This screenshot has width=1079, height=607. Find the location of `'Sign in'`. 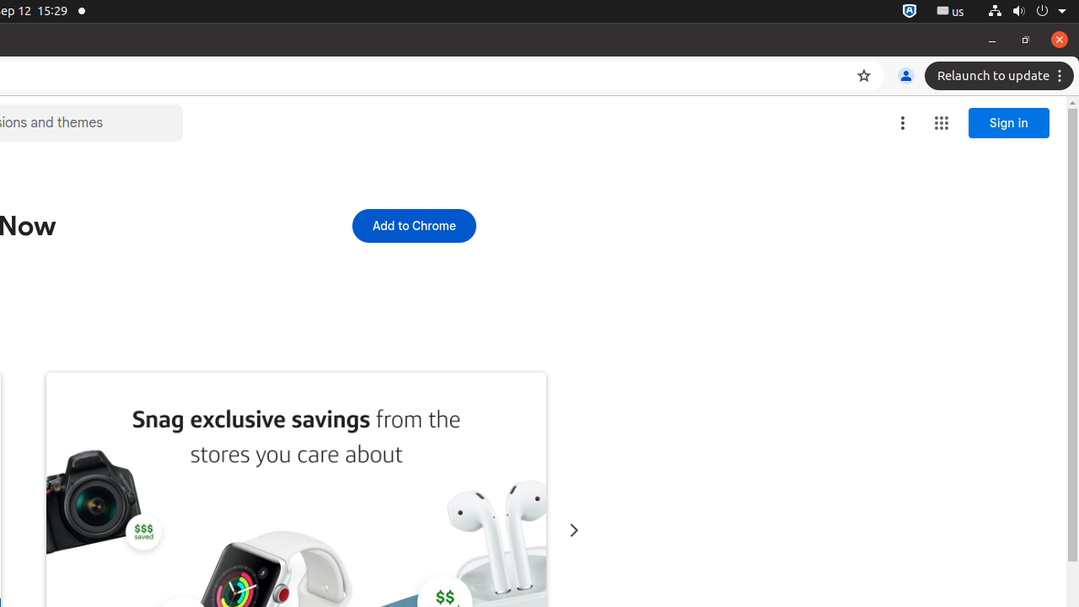

'Sign in' is located at coordinates (1009, 122).